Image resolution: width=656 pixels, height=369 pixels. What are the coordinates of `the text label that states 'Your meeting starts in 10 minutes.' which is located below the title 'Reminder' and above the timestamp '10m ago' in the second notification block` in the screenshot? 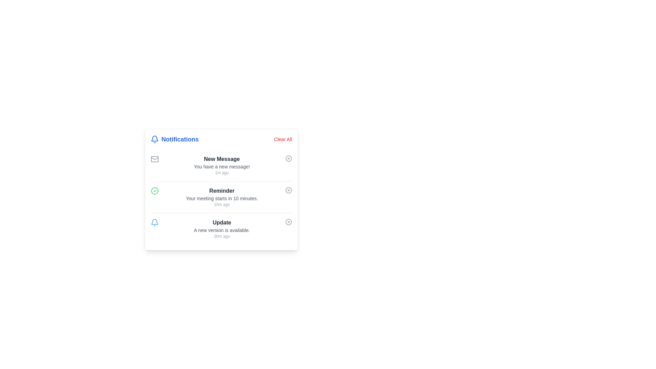 It's located at (222, 199).